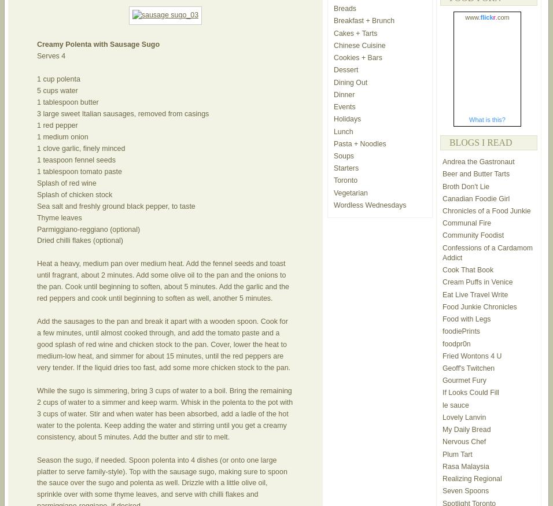 This screenshot has height=506, width=553. Describe the element at coordinates (347, 119) in the screenshot. I see `'Holidays'` at that location.